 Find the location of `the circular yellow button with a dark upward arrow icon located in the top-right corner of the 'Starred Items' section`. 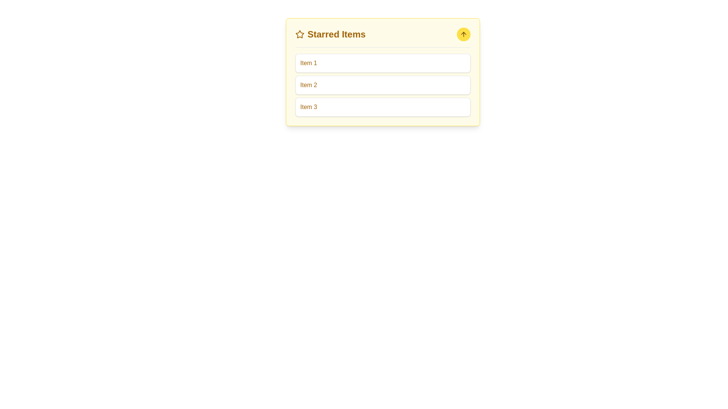

the circular yellow button with a dark upward arrow icon located in the top-right corner of the 'Starred Items' section is located at coordinates (463, 34).